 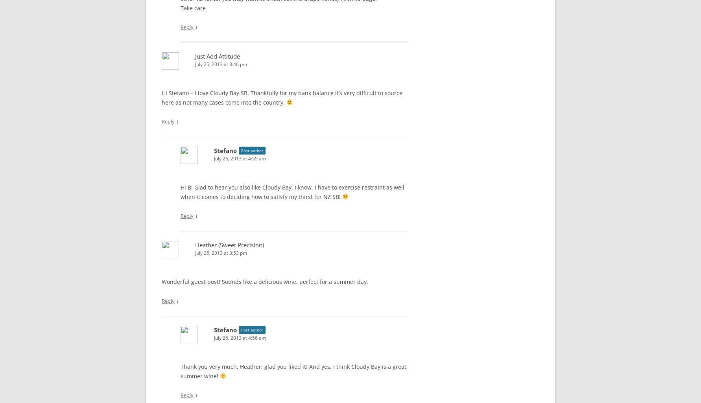 What do you see at coordinates (192, 7) in the screenshot?
I see `'Take care'` at bounding box center [192, 7].